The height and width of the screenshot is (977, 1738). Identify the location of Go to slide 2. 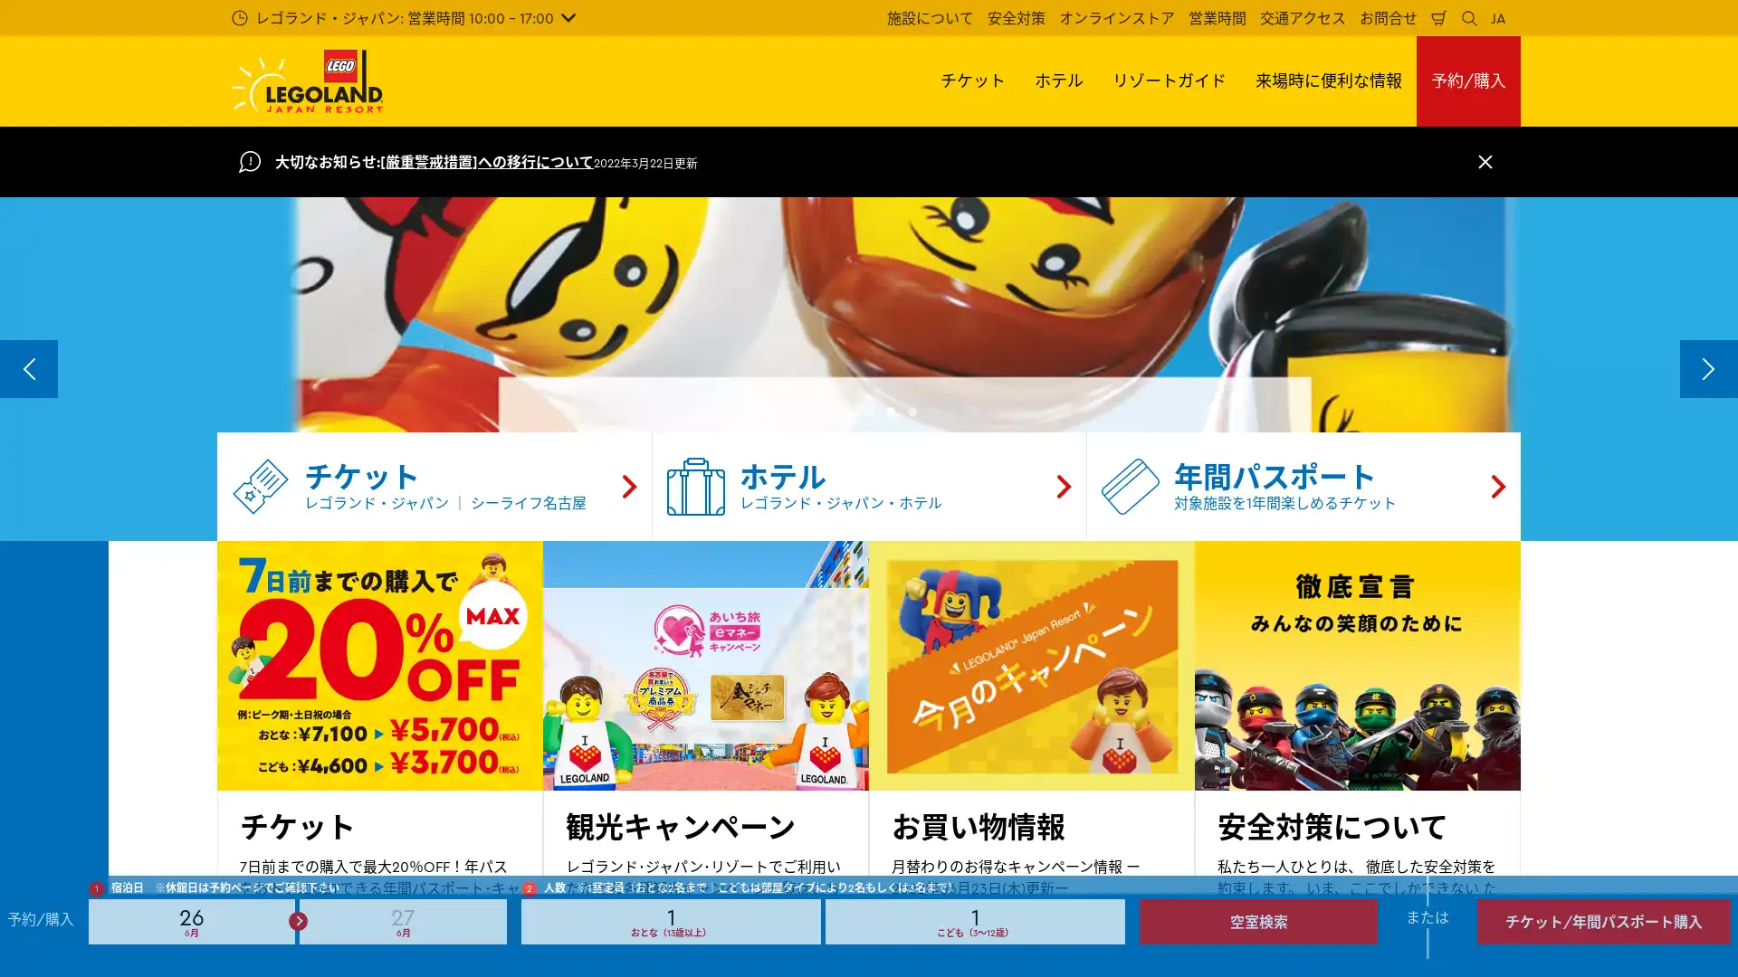
(846, 771).